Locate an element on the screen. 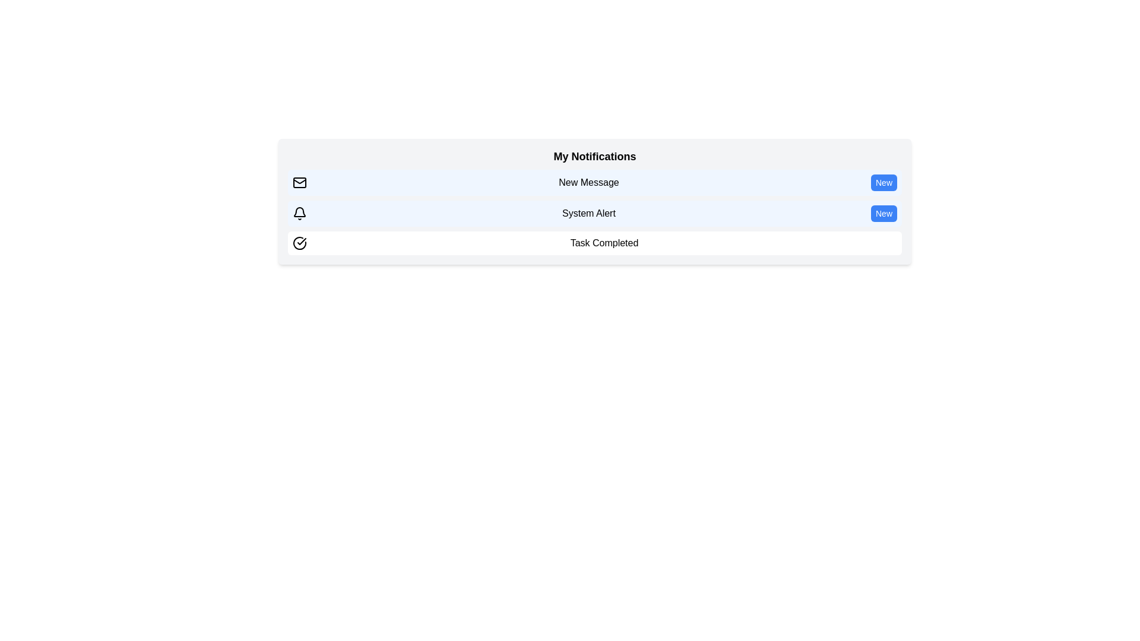 Image resolution: width=1140 pixels, height=641 pixels. the 'Task Completed' notification item located in the third row of the 'My Notifications' list is located at coordinates (595, 242).